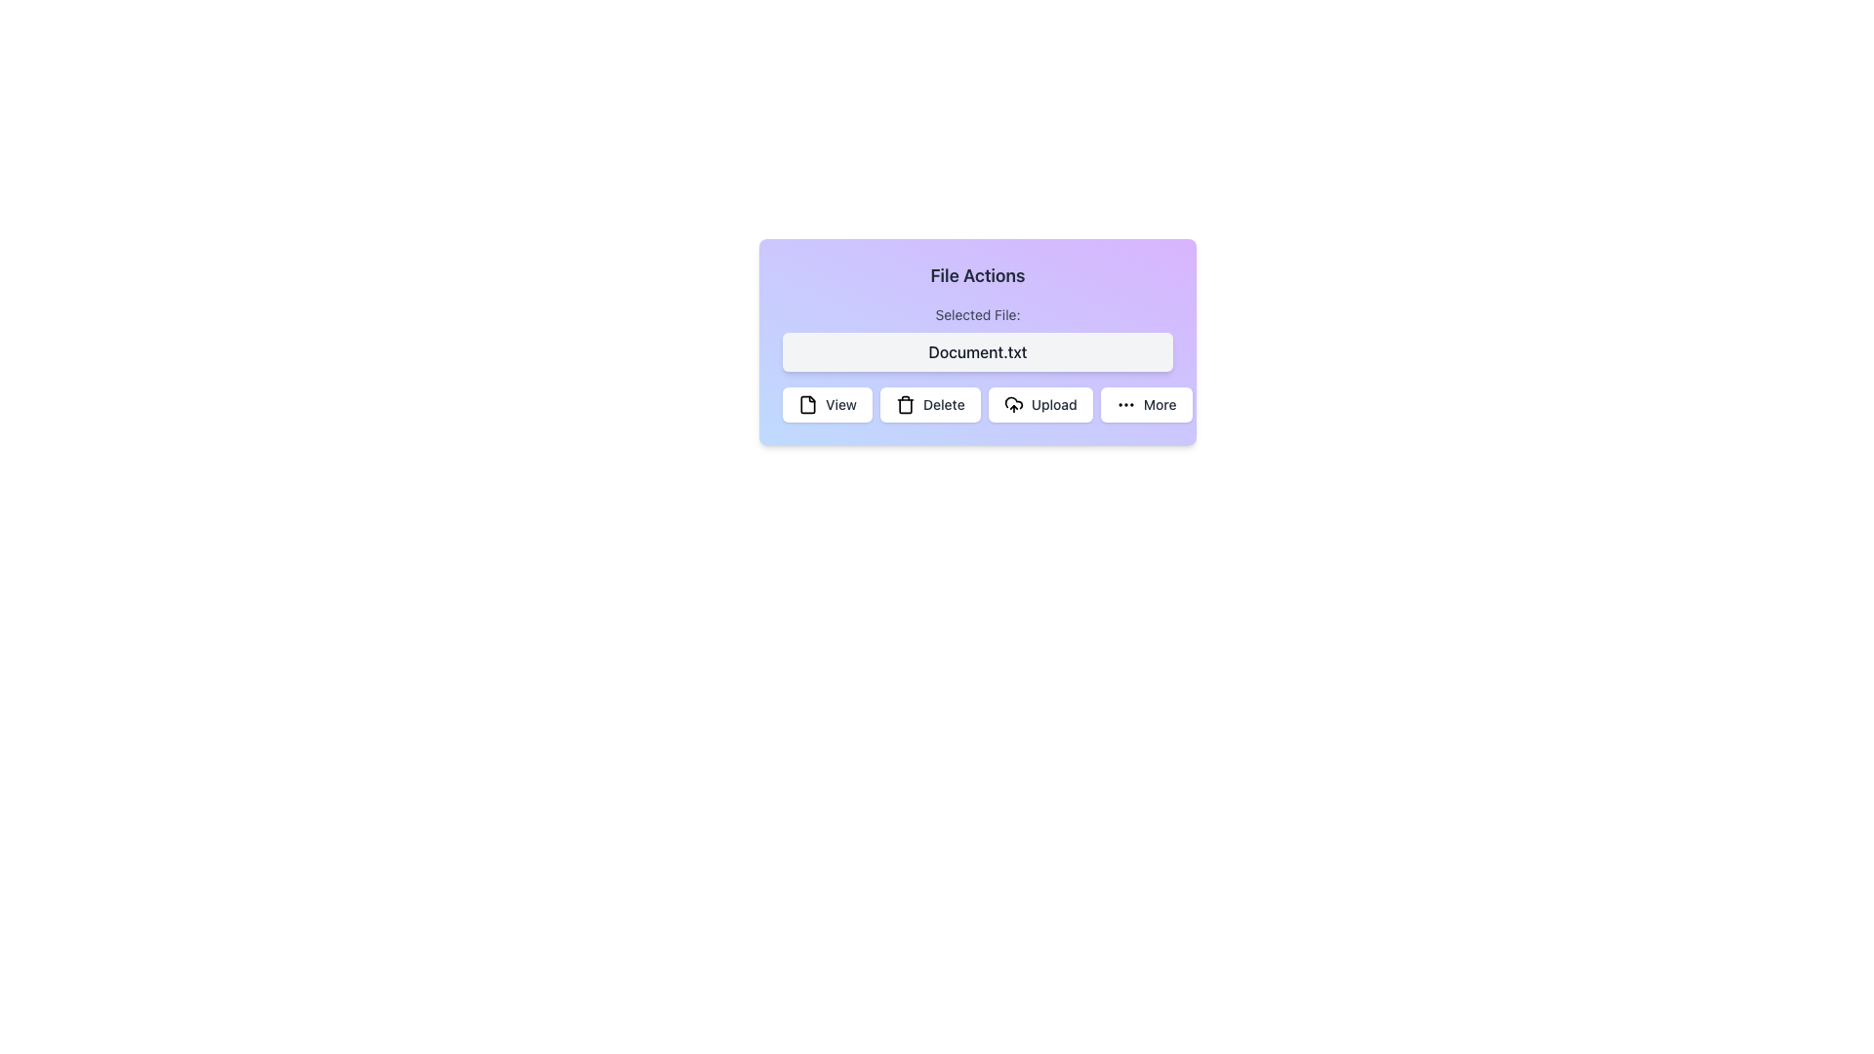  What do you see at coordinates (808, 404) in the screenshot?
I see `the 'View' button icon, which is the first element in a horizontal group of buttons` at bounding box center [808, 404].